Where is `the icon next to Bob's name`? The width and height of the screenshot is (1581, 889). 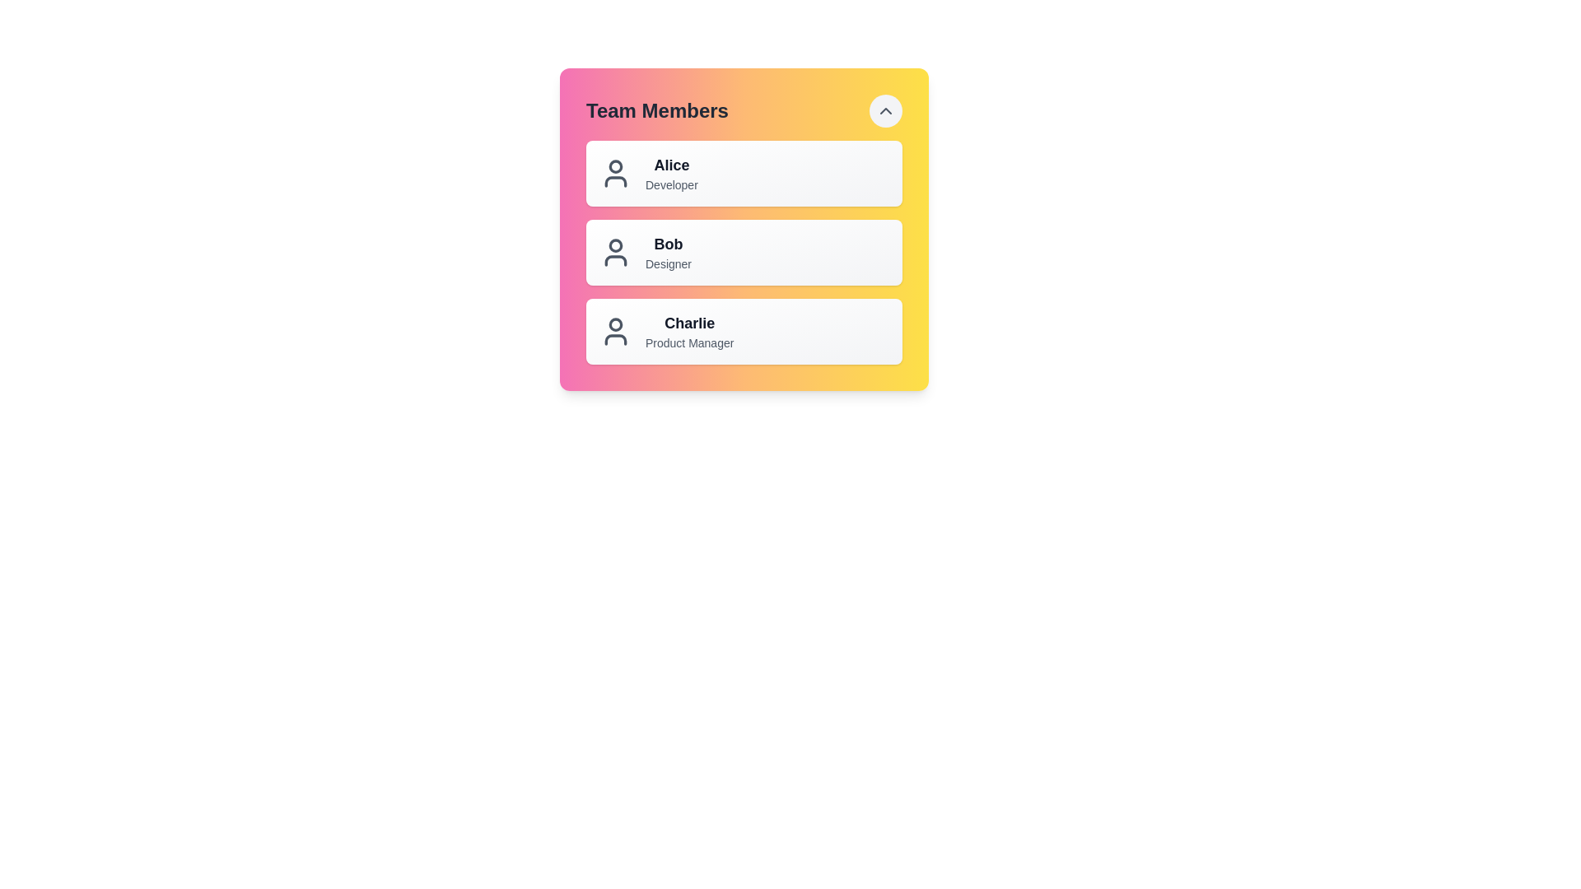
the icon next to Bob's name is located at coordinates (615, 253).